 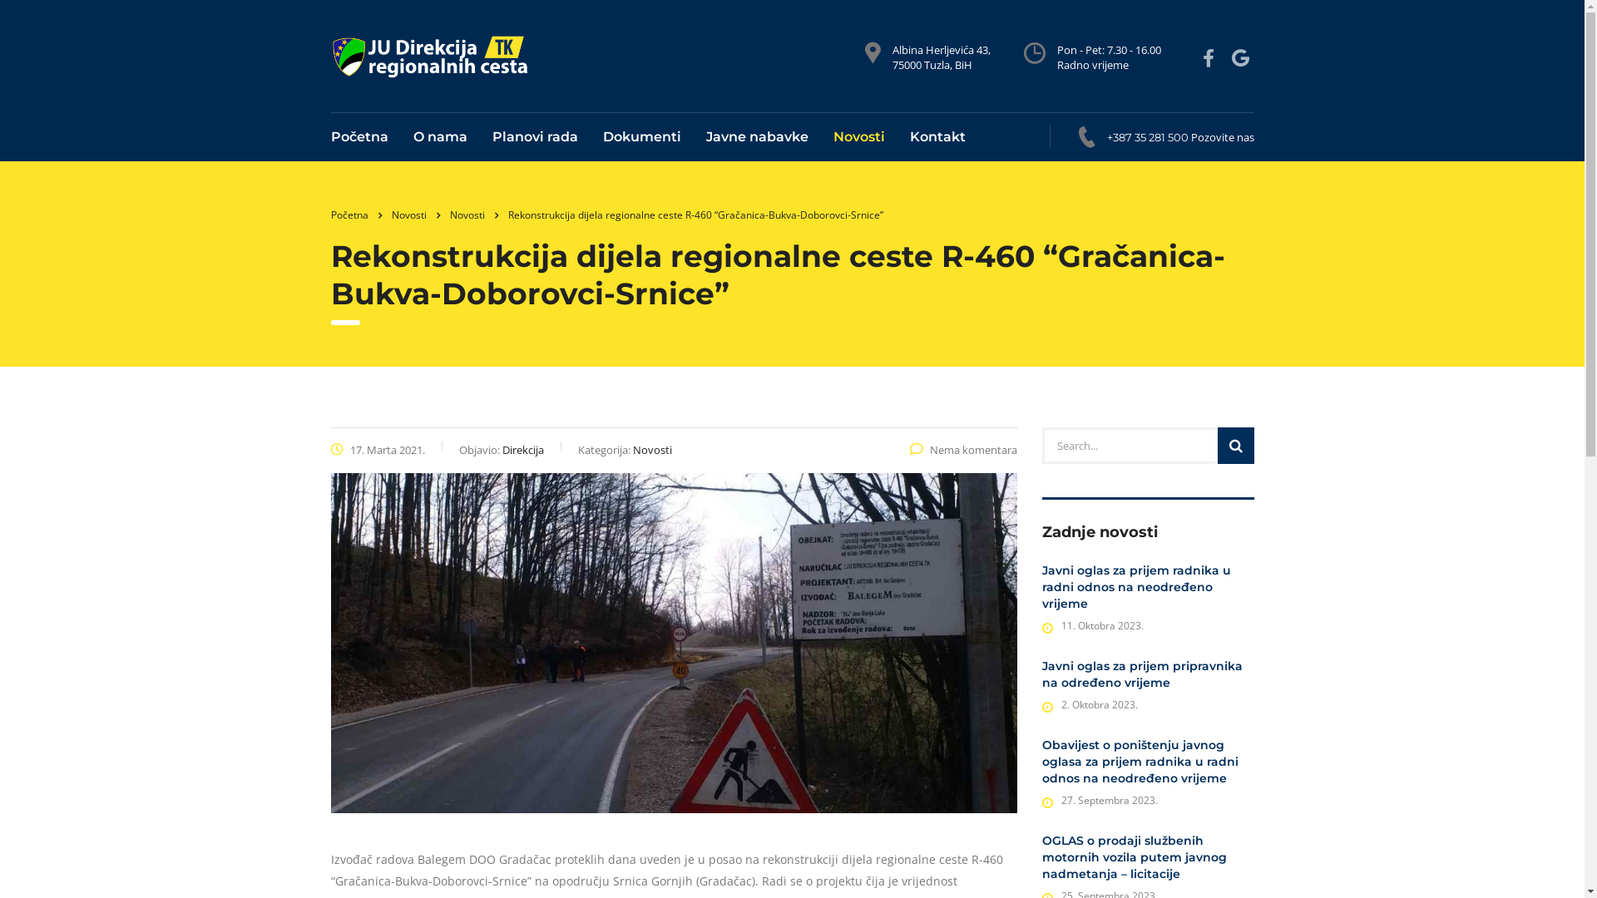 What do you see at coordinates (1210, 57) in the screenshot?
I see `' '` at bounding box center [1210, 57].